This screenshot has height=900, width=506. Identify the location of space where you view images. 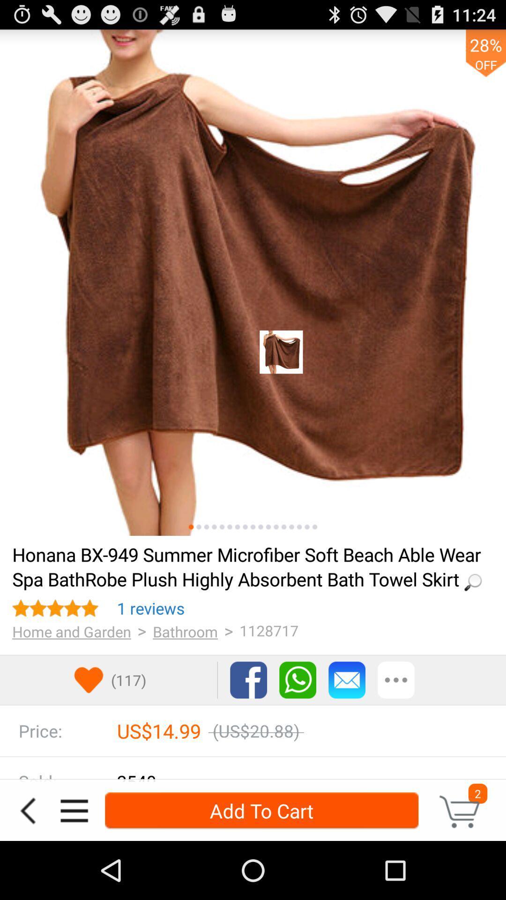
(253, 282).